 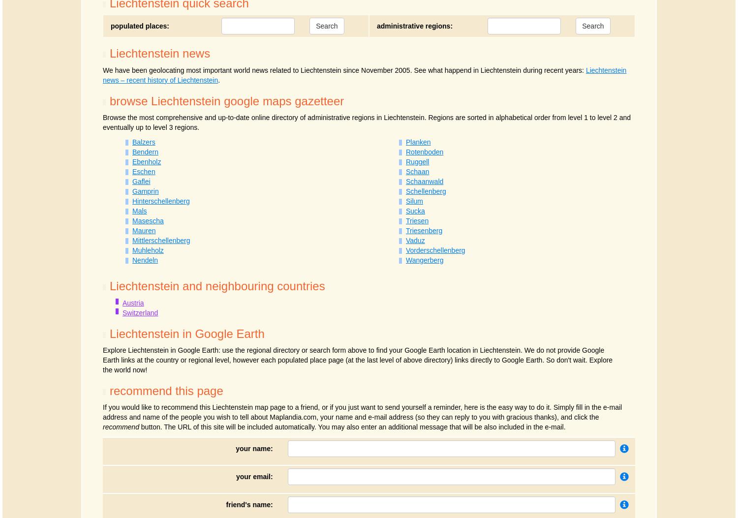 What do you see at coordinates (102, 411) in the screenshot?
I see `'If you would like to recommend this Liechtenstein map page to a friend, or if you just want to send yourself a reminder, here is the easy way to do it. Simply fill in the e-mail address and name of the people you wish to tell about Maplandia.com, your name and e-mail address (so they can reply to you with gracious thanks), and click the'` at bounding box center [102, 411].